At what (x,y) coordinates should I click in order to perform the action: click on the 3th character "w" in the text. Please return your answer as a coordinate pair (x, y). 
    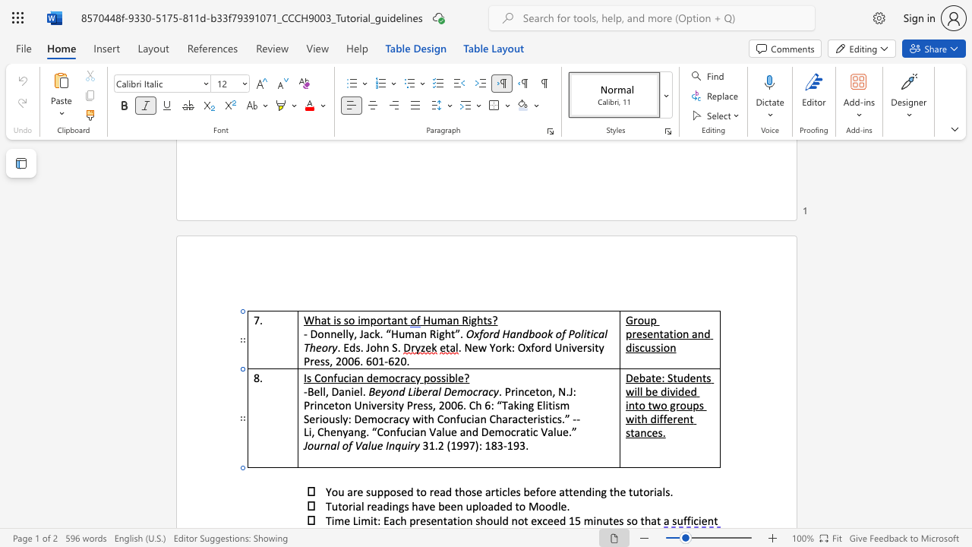
    Looking at the image, I should click on (630, 419).